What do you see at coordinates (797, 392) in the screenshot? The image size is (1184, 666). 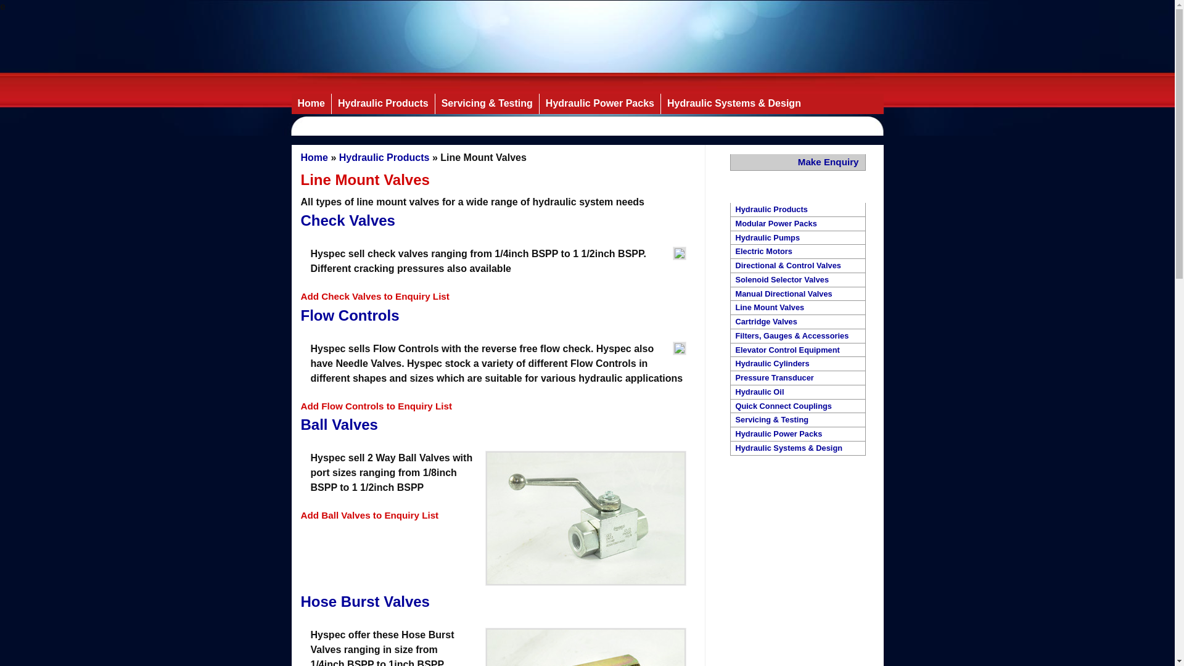 I see `'Hydraulic Oil'` at bounding box center [797, 392].